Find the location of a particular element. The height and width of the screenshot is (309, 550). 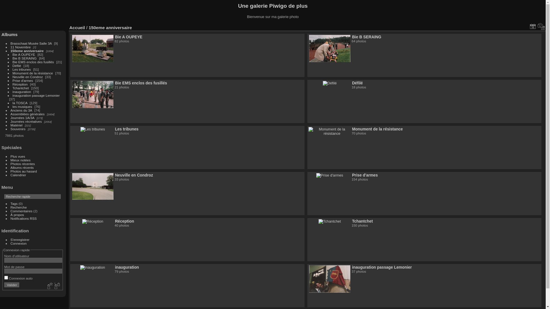

'150eme anniversaire' is located at coordinates (27, 50).